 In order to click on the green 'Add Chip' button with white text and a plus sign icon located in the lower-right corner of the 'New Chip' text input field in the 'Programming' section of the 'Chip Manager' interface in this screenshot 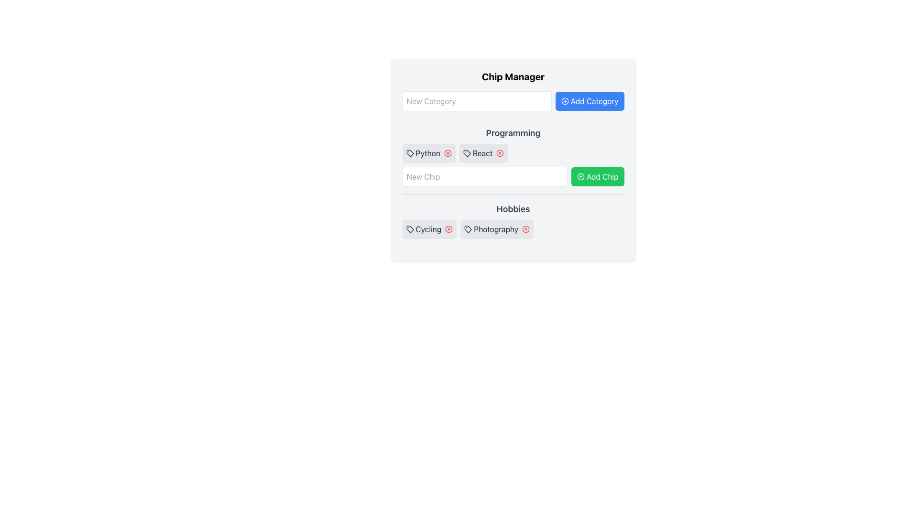, I will do `click(597, 177)`.